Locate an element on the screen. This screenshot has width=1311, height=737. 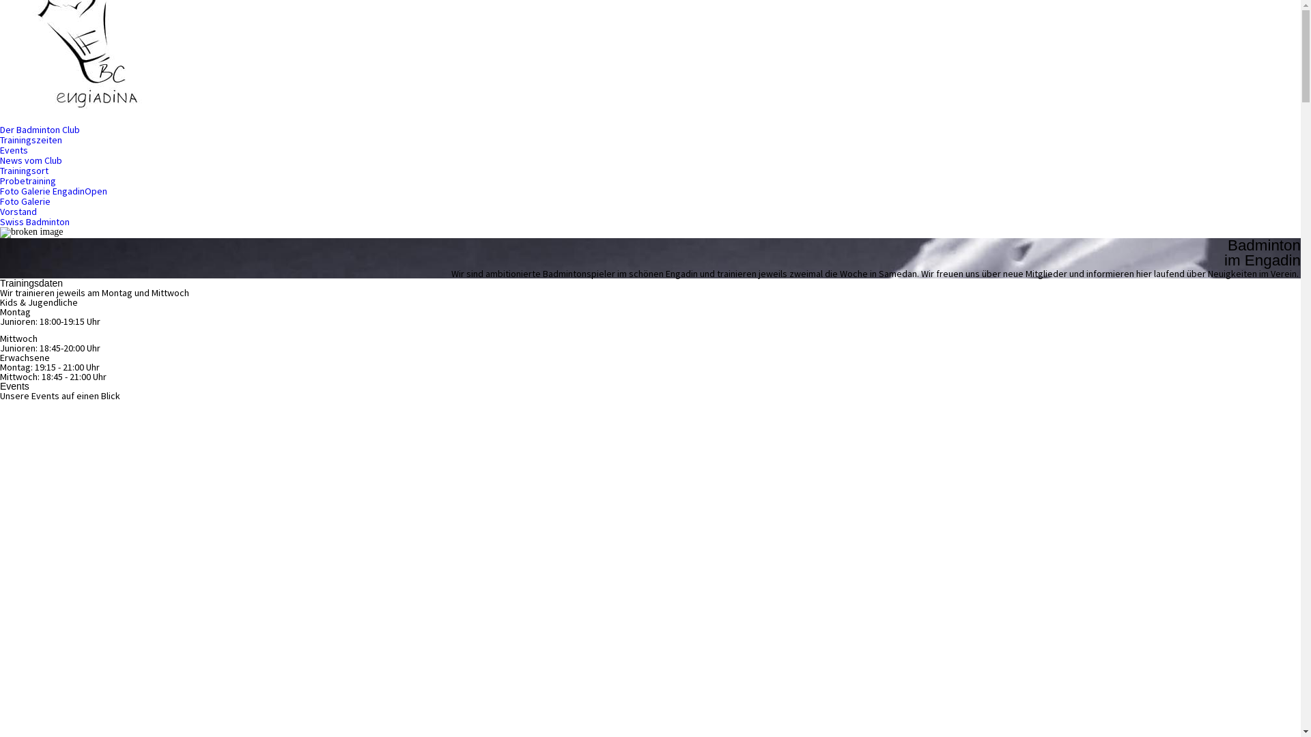
'Swiss Badminton' is located at coordinates (35, 221).